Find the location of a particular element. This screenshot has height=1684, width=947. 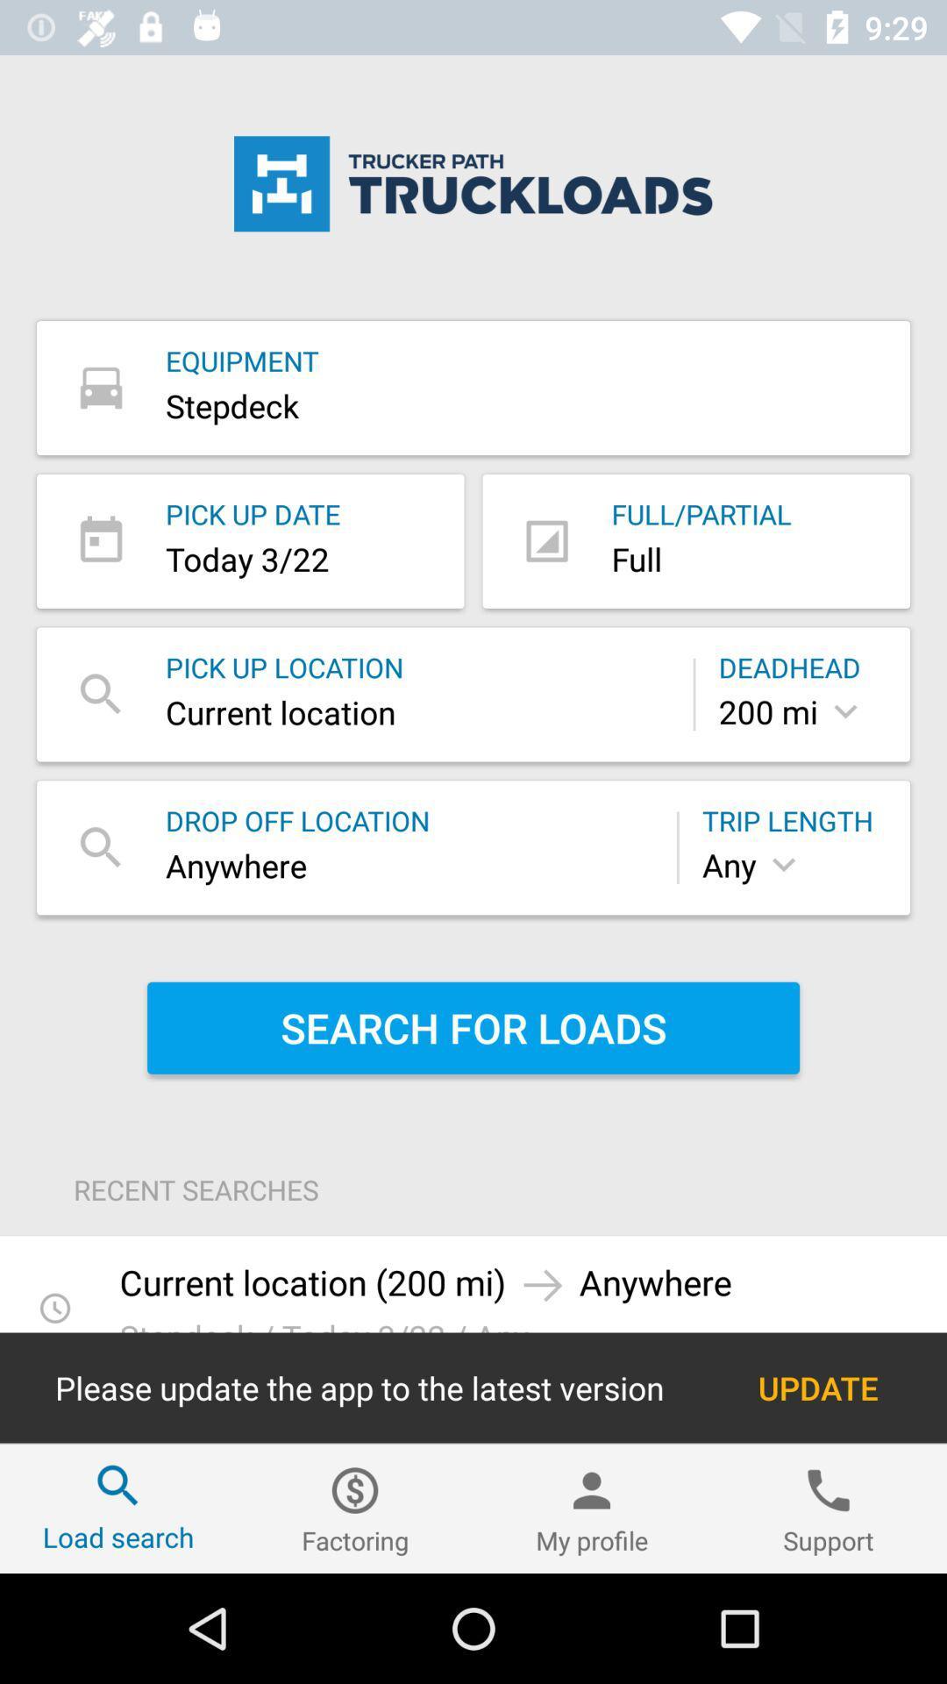

the icon next to the factoring is located at coordinates (118, 1508).